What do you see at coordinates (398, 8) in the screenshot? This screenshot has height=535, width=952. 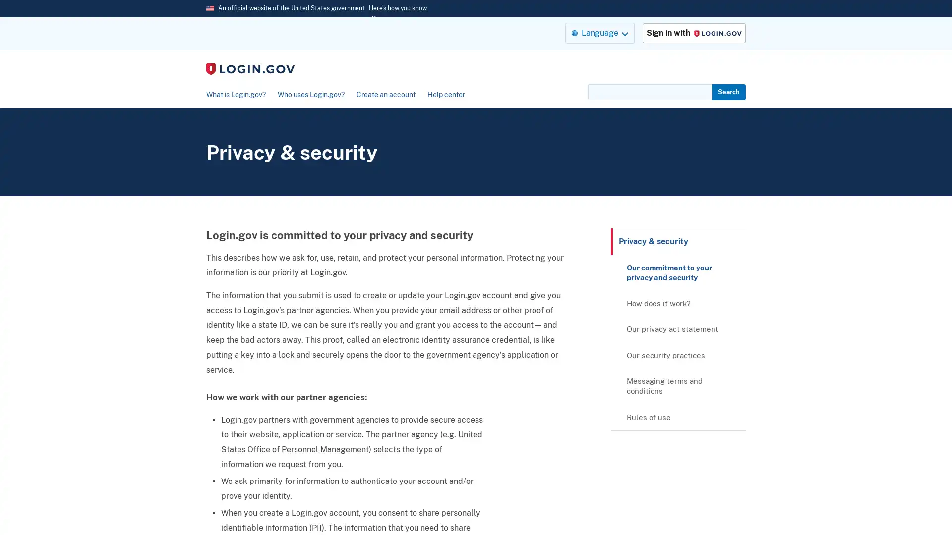 I see `Heres how you know` at bounding box center [398, 8].